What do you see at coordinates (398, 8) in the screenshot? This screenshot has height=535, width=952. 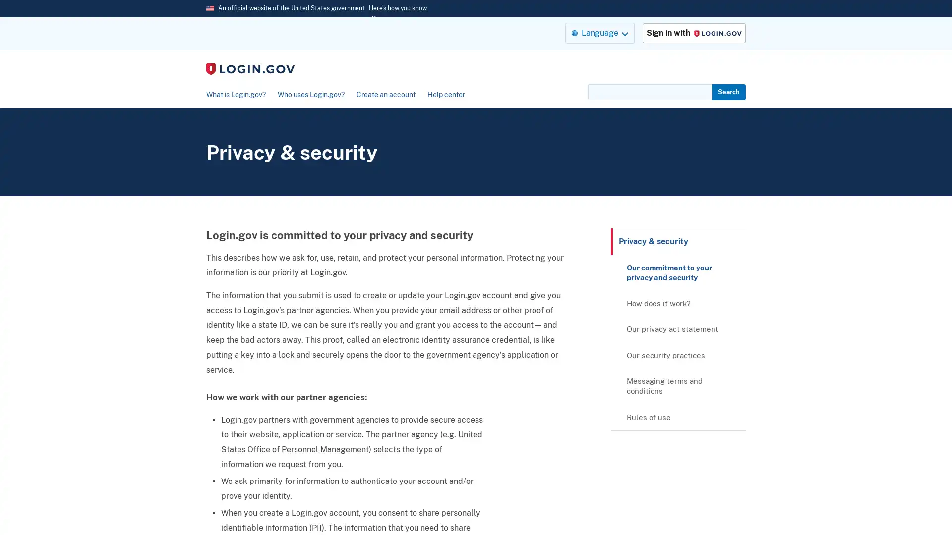 I see `Heres how you know` at bounding box center [398, 8].